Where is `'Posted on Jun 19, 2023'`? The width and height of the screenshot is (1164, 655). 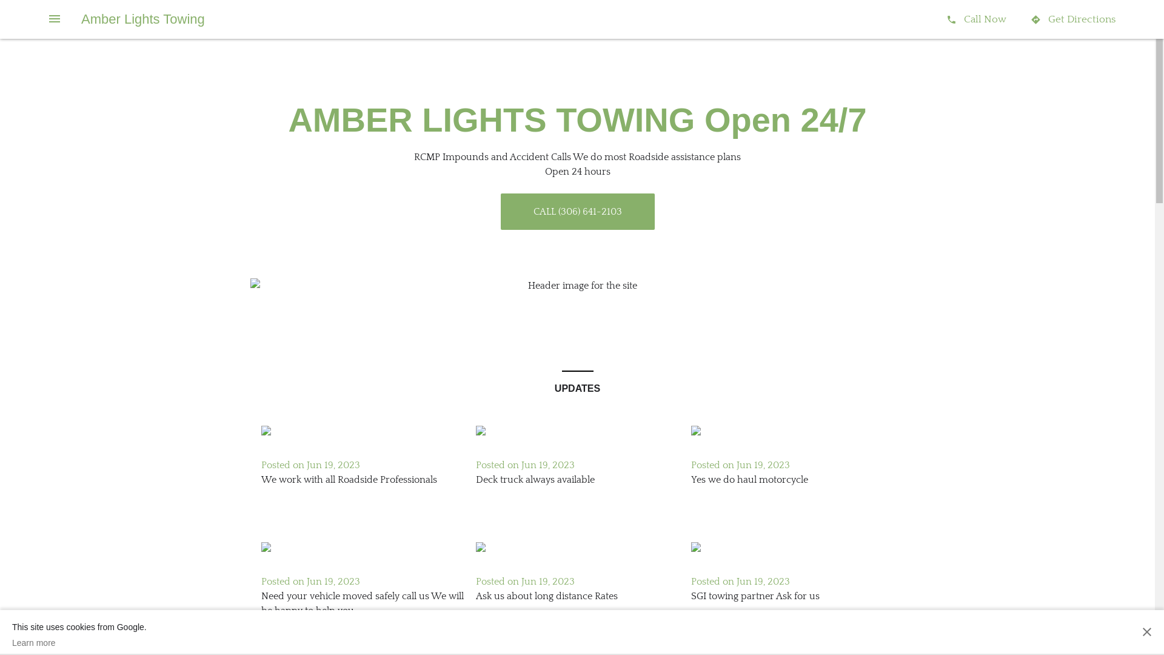 'Posted on Jun 19, 2023' is located at coordinates (525, 465).